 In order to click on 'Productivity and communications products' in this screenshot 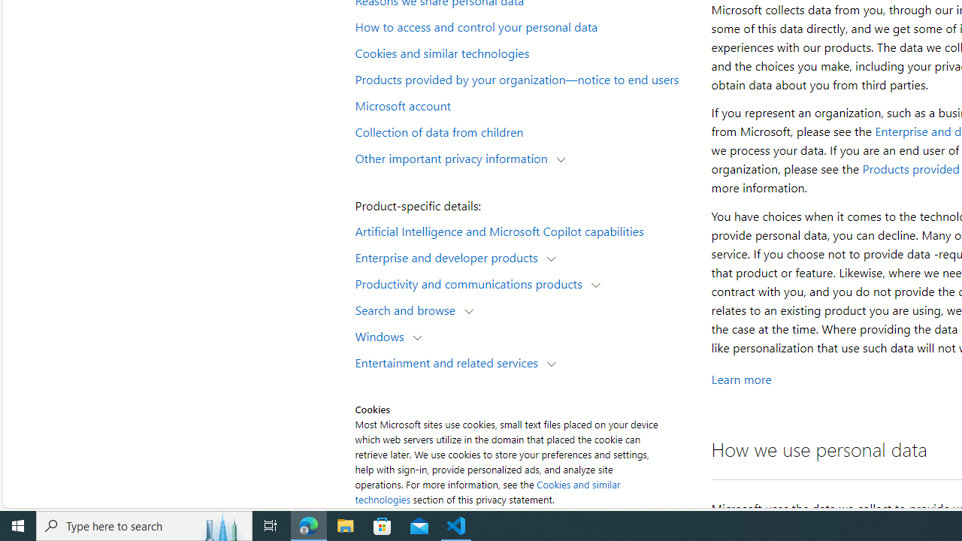, I will do `click(471, 283)`.